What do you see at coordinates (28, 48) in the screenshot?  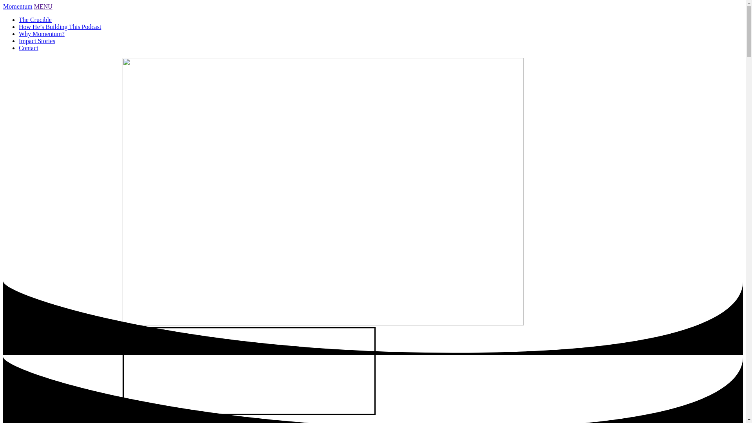 I see `'Contact'` at bounding box center [28, 48].